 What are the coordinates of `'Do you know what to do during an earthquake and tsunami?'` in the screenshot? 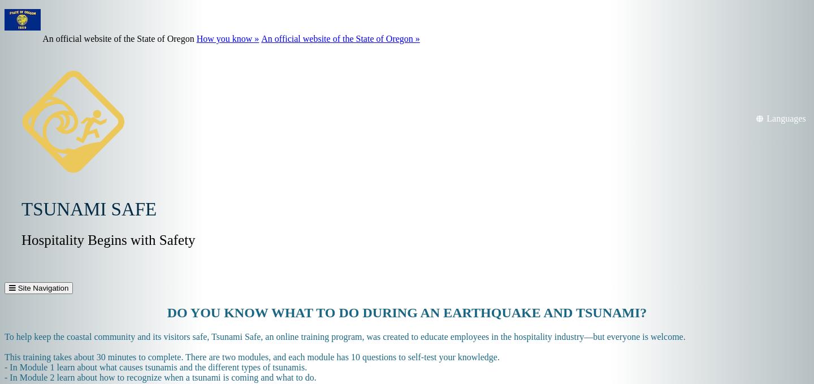 It's located at (166, 312).